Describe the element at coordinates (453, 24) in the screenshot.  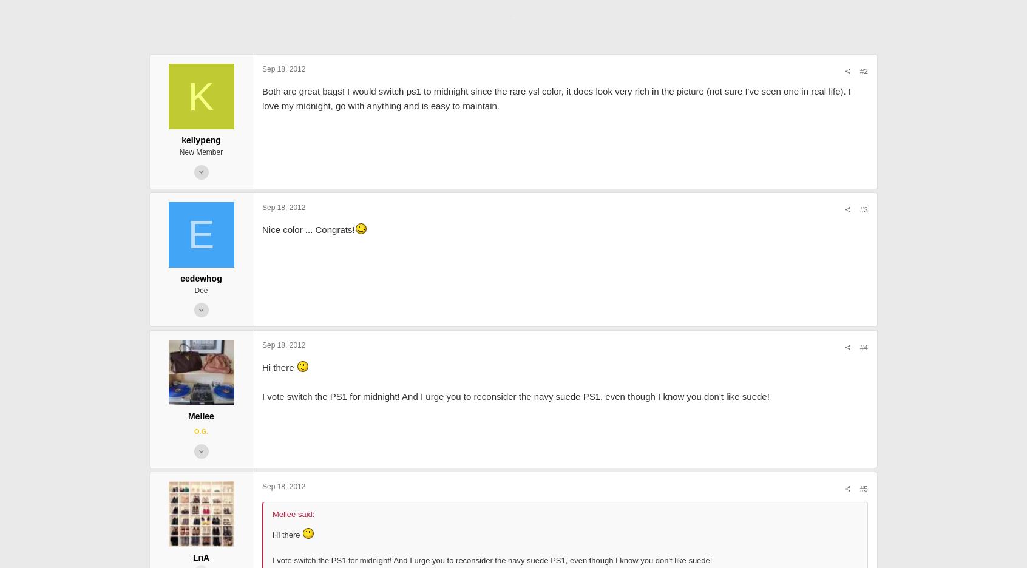
I see `'32.8 KB
· Views: 3,061'` at that location.